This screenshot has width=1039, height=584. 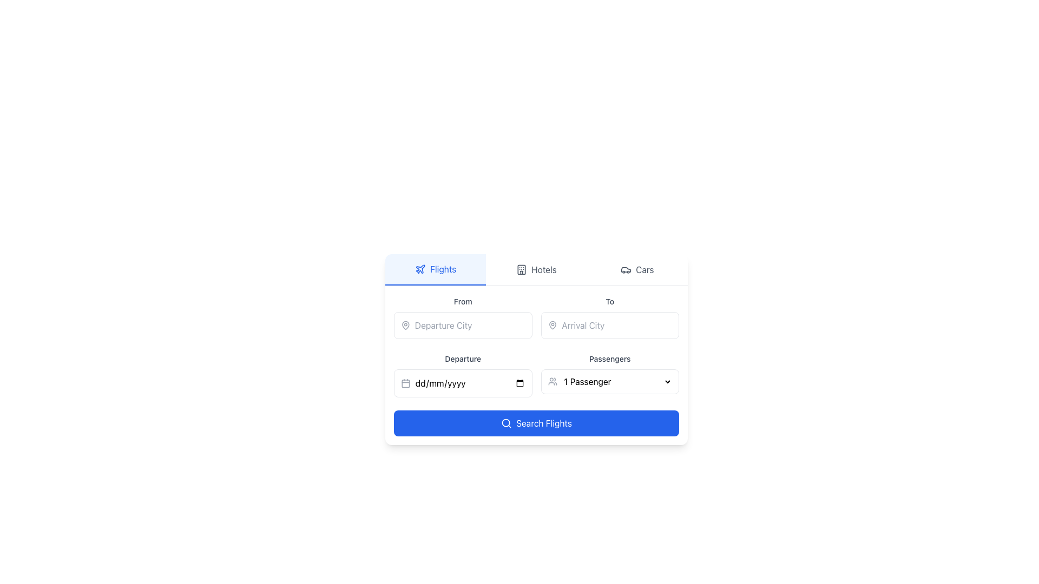 What do you see at coordinates (443, 268) in the screenshot?
I see `text from the 'Flights' label, which is a bold blue text element located near the center of the tabbed section's header and aligned next to an airplane icon` at bounding box center [443, 268].